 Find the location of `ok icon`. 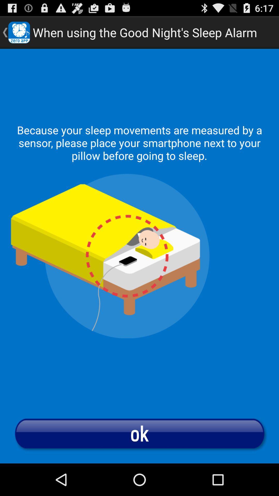

ok icon is located at coordinates (139, 433).